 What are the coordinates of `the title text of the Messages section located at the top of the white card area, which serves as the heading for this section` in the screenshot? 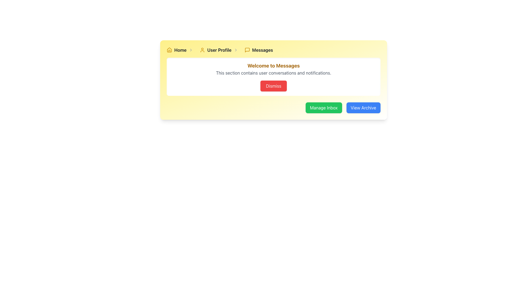 It's located at (273, 66).